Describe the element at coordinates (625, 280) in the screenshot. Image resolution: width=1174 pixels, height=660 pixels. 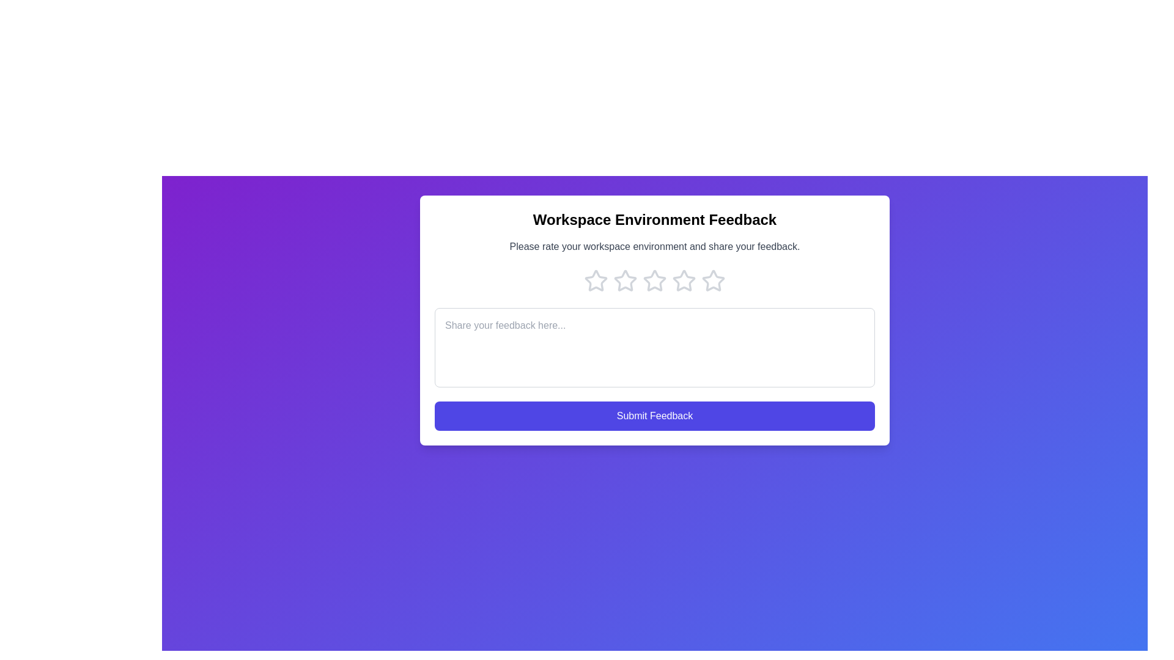
I see `the star corresponding to the rating 2` at that location.